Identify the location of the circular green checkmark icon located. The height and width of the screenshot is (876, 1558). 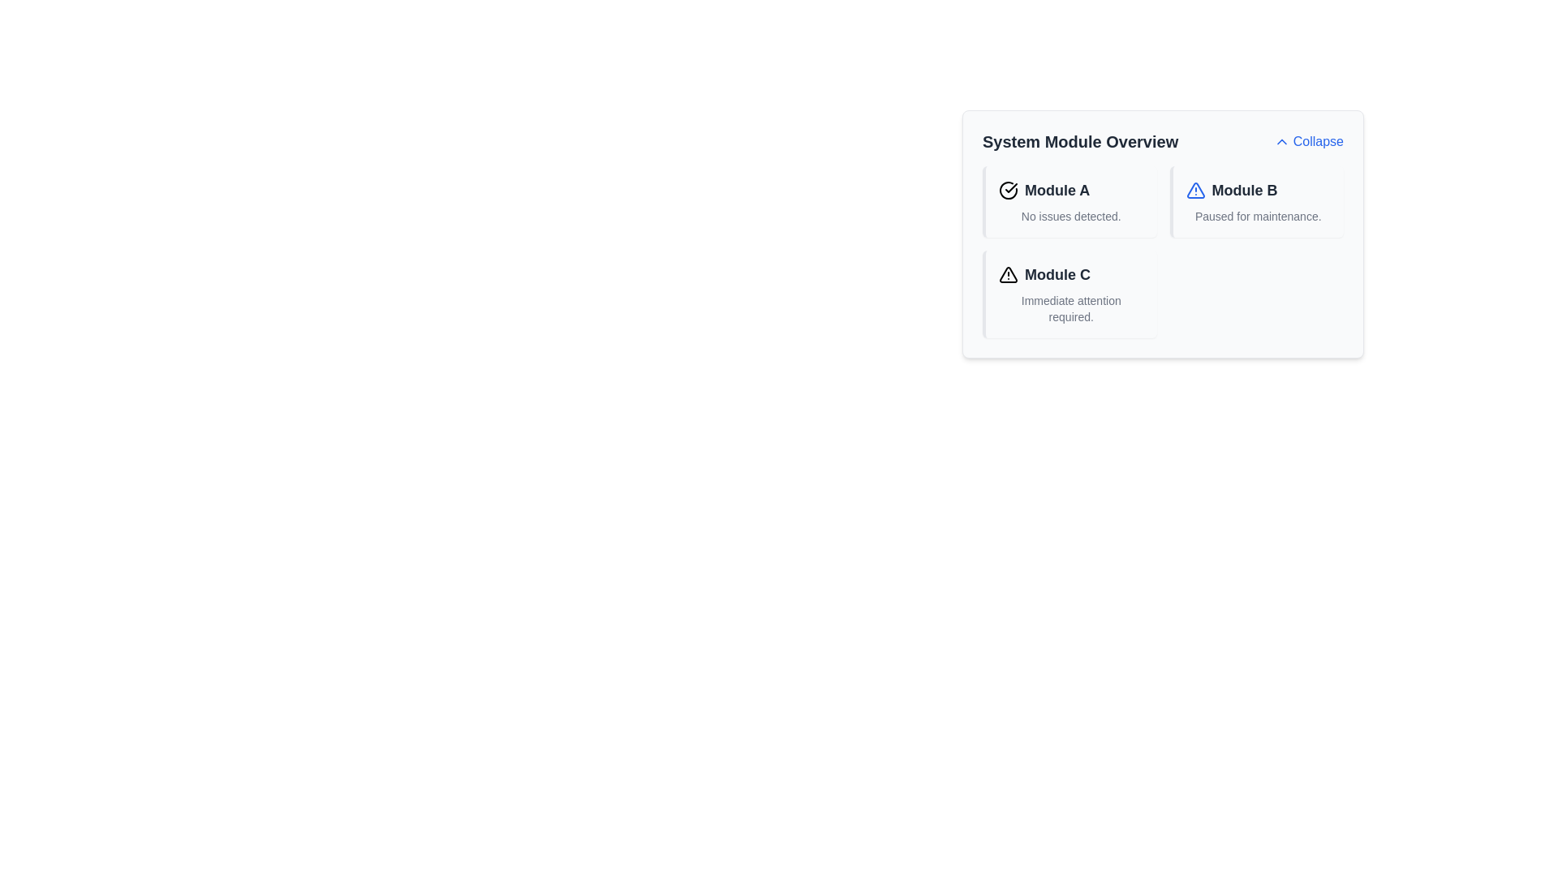
(1008, 190).